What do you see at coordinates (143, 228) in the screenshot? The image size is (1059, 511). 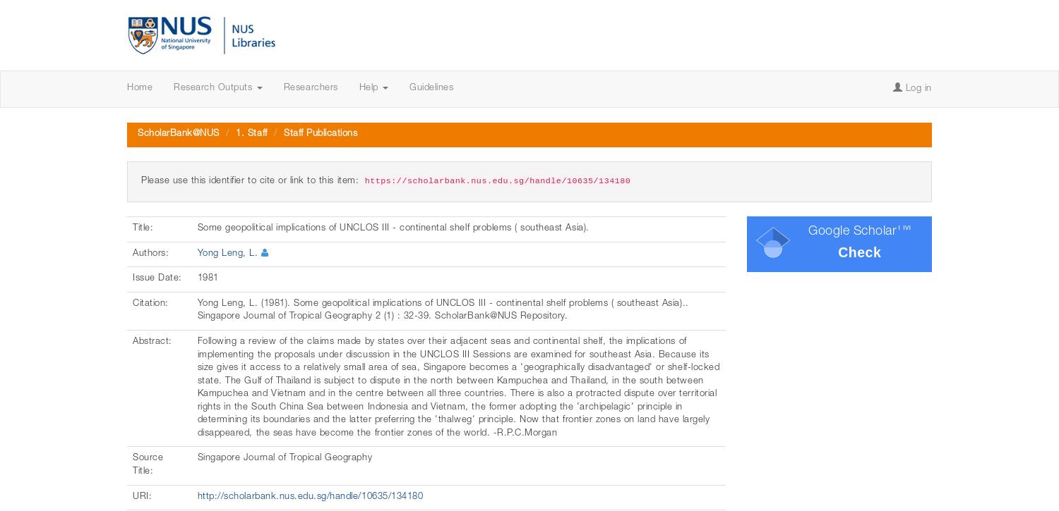 I see `'Title:'` at bounding box center [143, 228].